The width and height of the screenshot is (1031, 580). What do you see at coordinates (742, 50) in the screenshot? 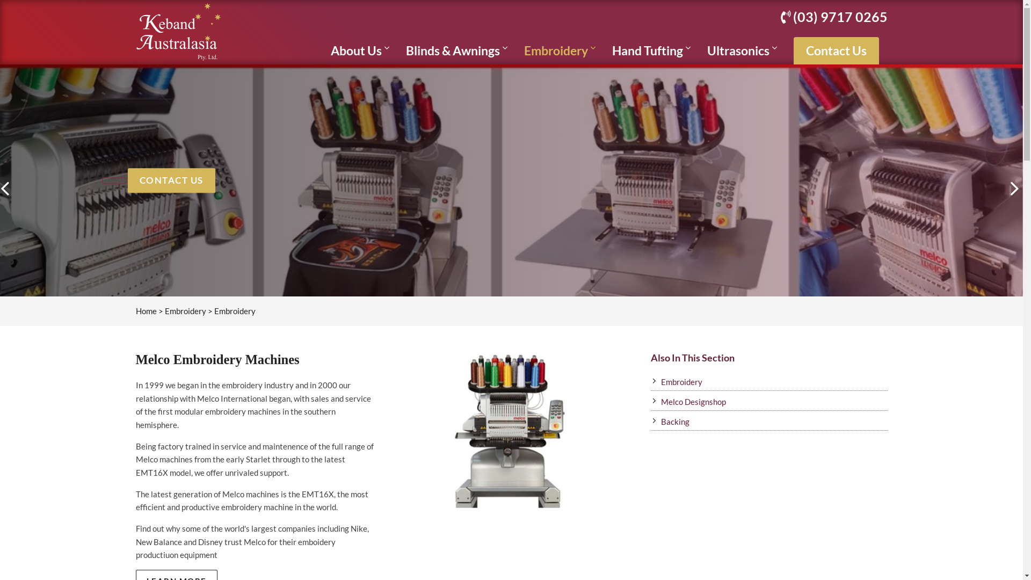
I see `'Ultrasonics'` at bounding box center [742, 50].